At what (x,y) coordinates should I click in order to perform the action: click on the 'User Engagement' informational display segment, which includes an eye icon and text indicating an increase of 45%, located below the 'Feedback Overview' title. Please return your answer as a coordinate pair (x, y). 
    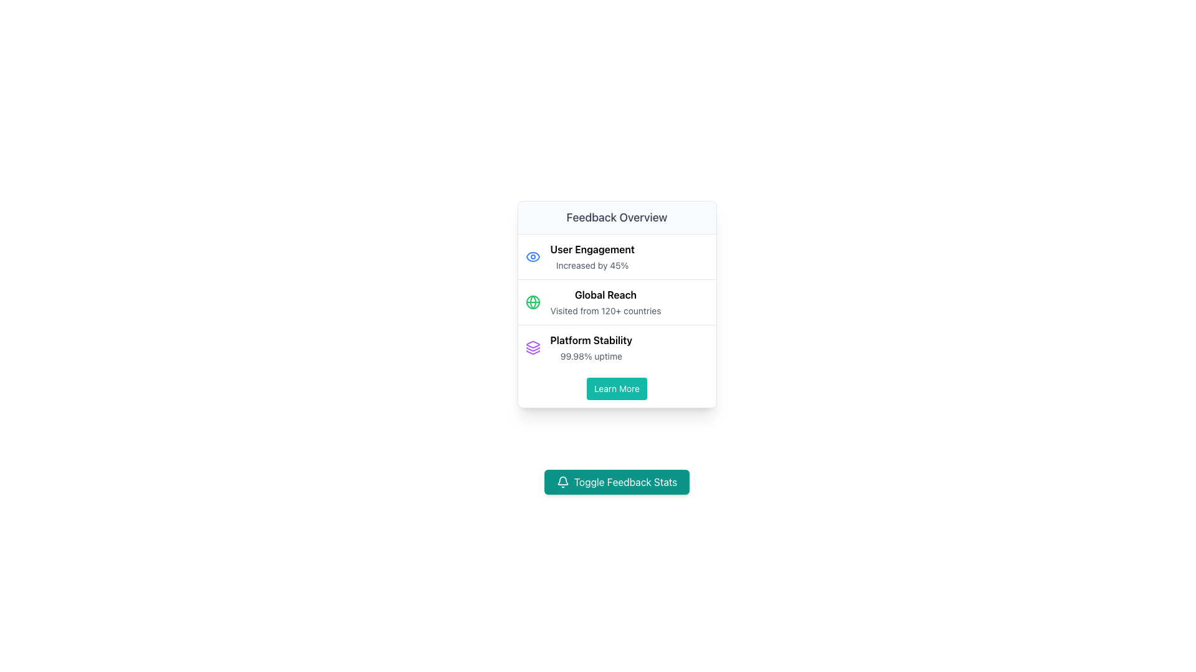
    Looking at the image, I should click on (617, 256).